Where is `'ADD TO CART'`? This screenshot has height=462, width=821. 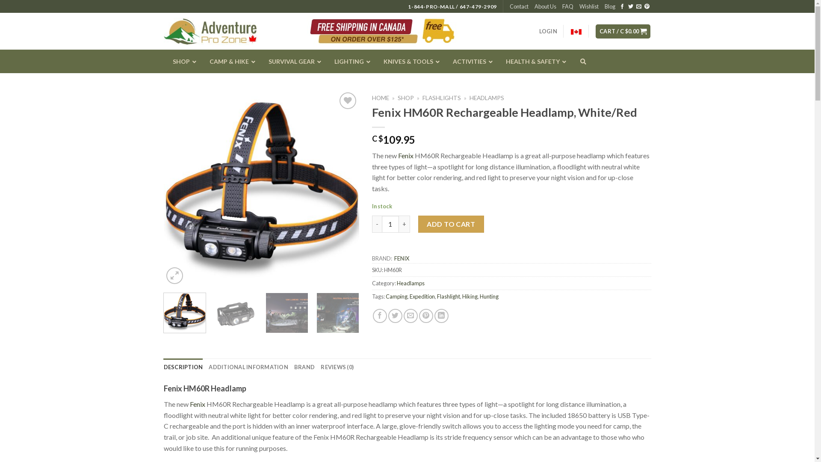 'ADD TO CART' is located at coordinates (418, 224).